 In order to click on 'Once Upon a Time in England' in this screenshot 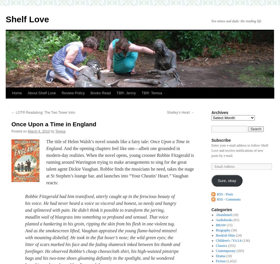, I will do `click(54, 124)`.